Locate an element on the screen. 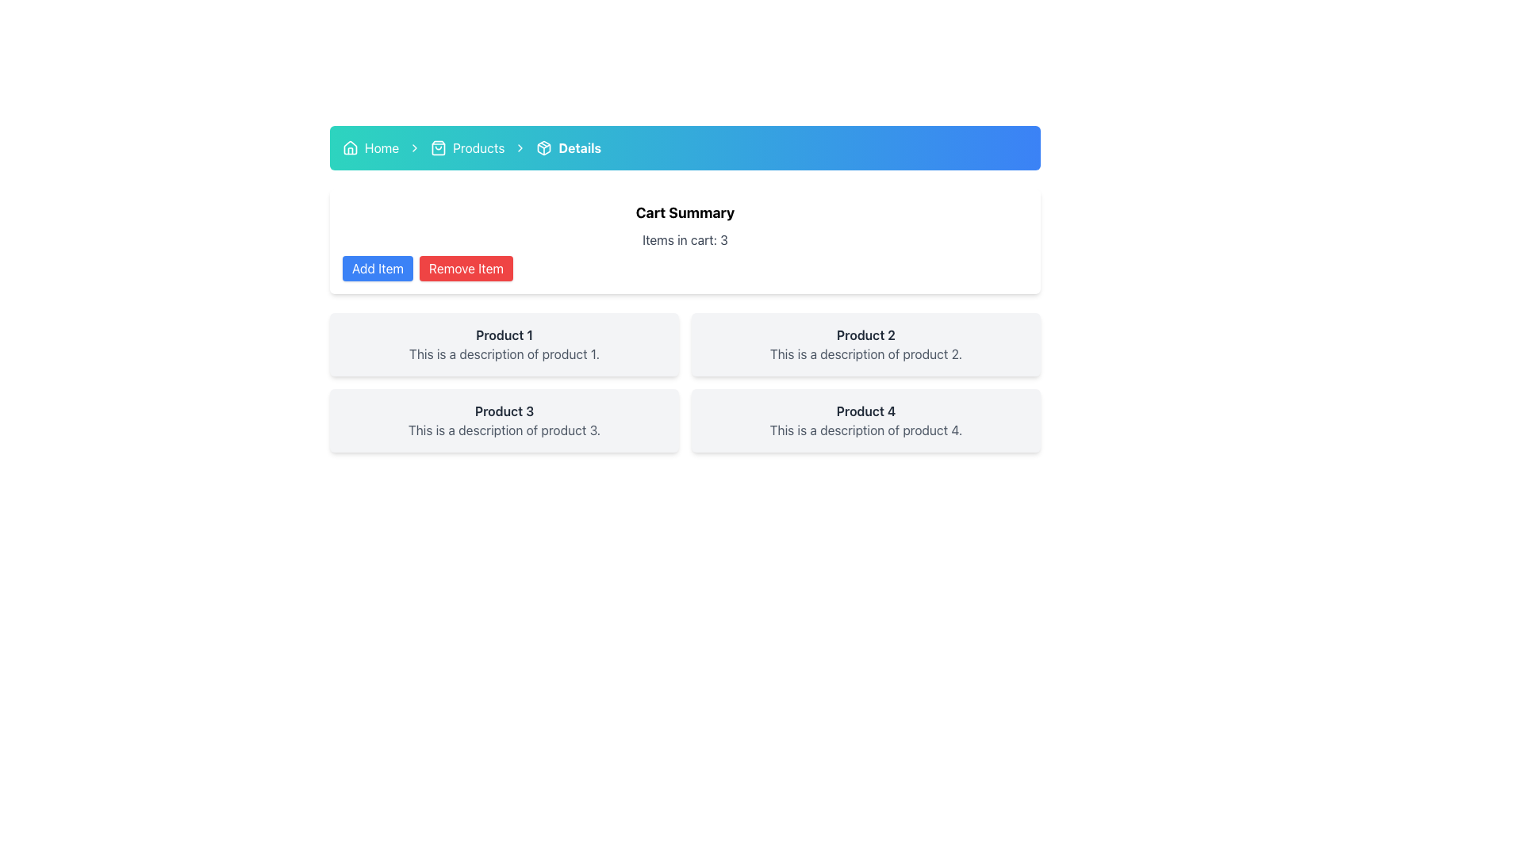  the 'Product 4' text label, which is displayed in bold dark gray font within a light gray rounded rectangular box, located at the top section of the fourth product card in the grid layout is located at coordinates (865, 411).